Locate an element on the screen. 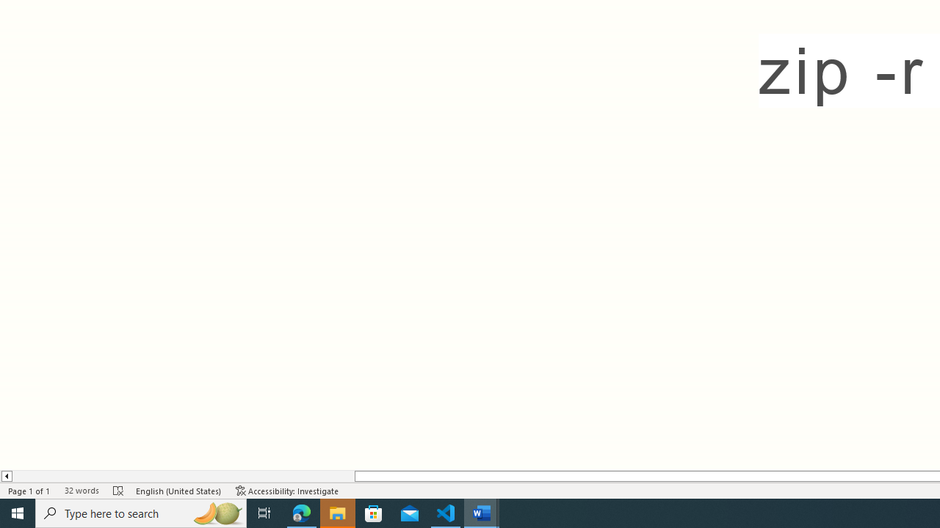  'Word Count 32 words' is located at coordinates (81, 491).